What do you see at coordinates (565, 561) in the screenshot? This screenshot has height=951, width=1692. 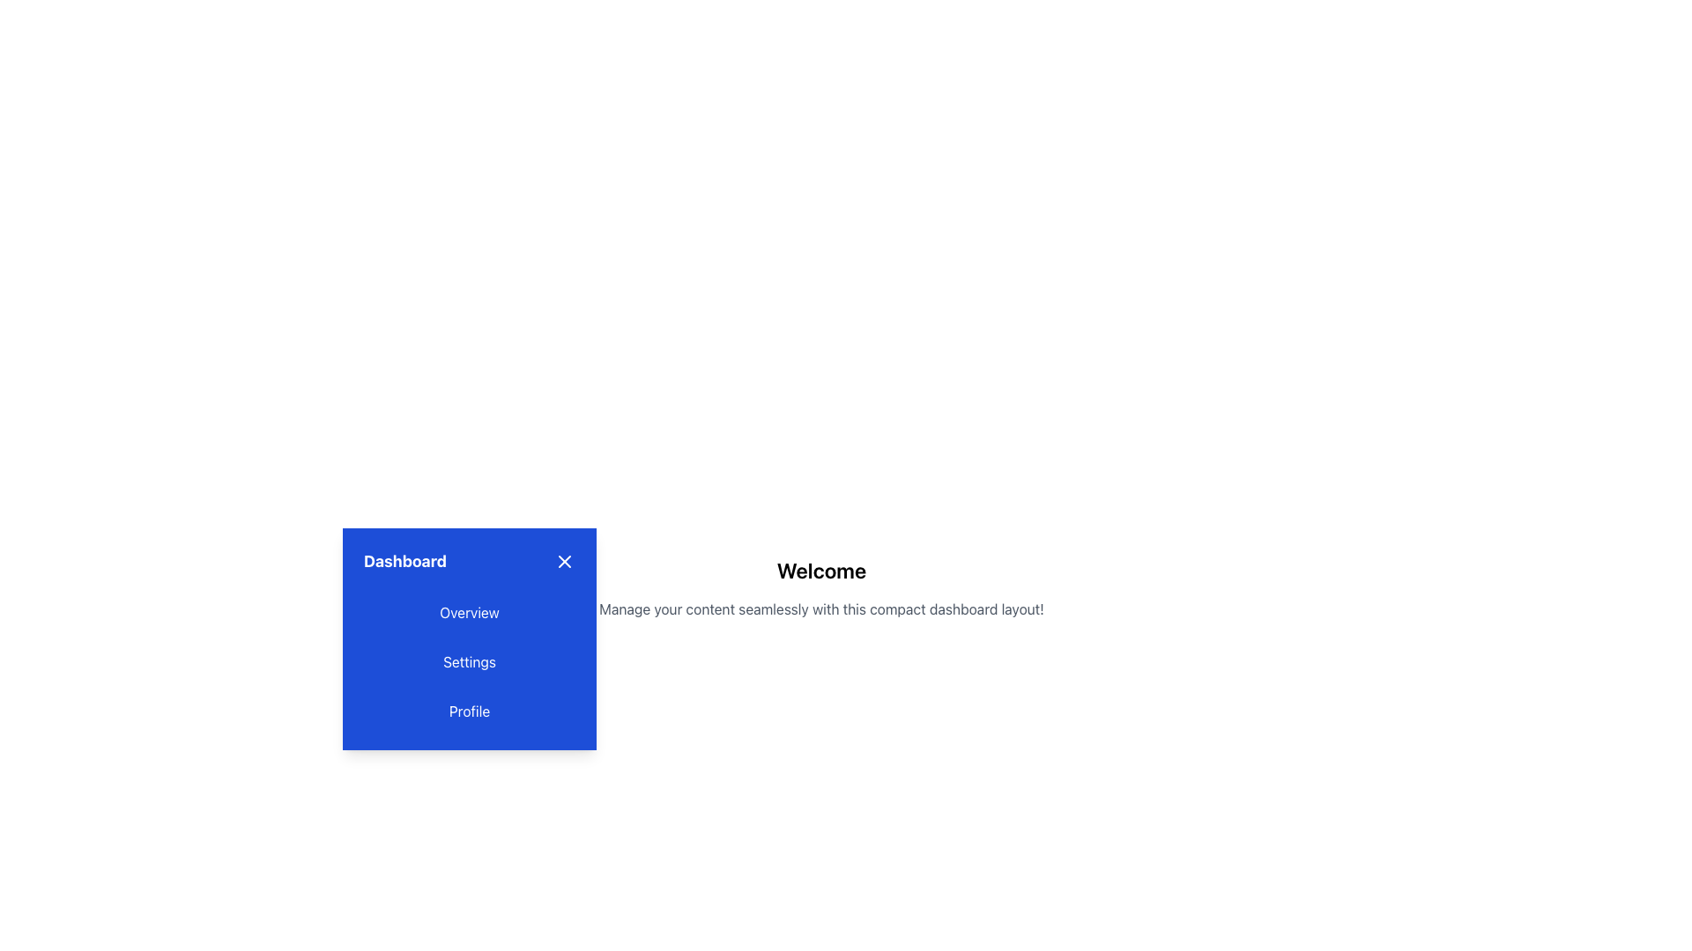 I see `the close button situated in the top-right corner of the blue 'Dashboard' panel to interact with it` at bounding box center [565, 561].